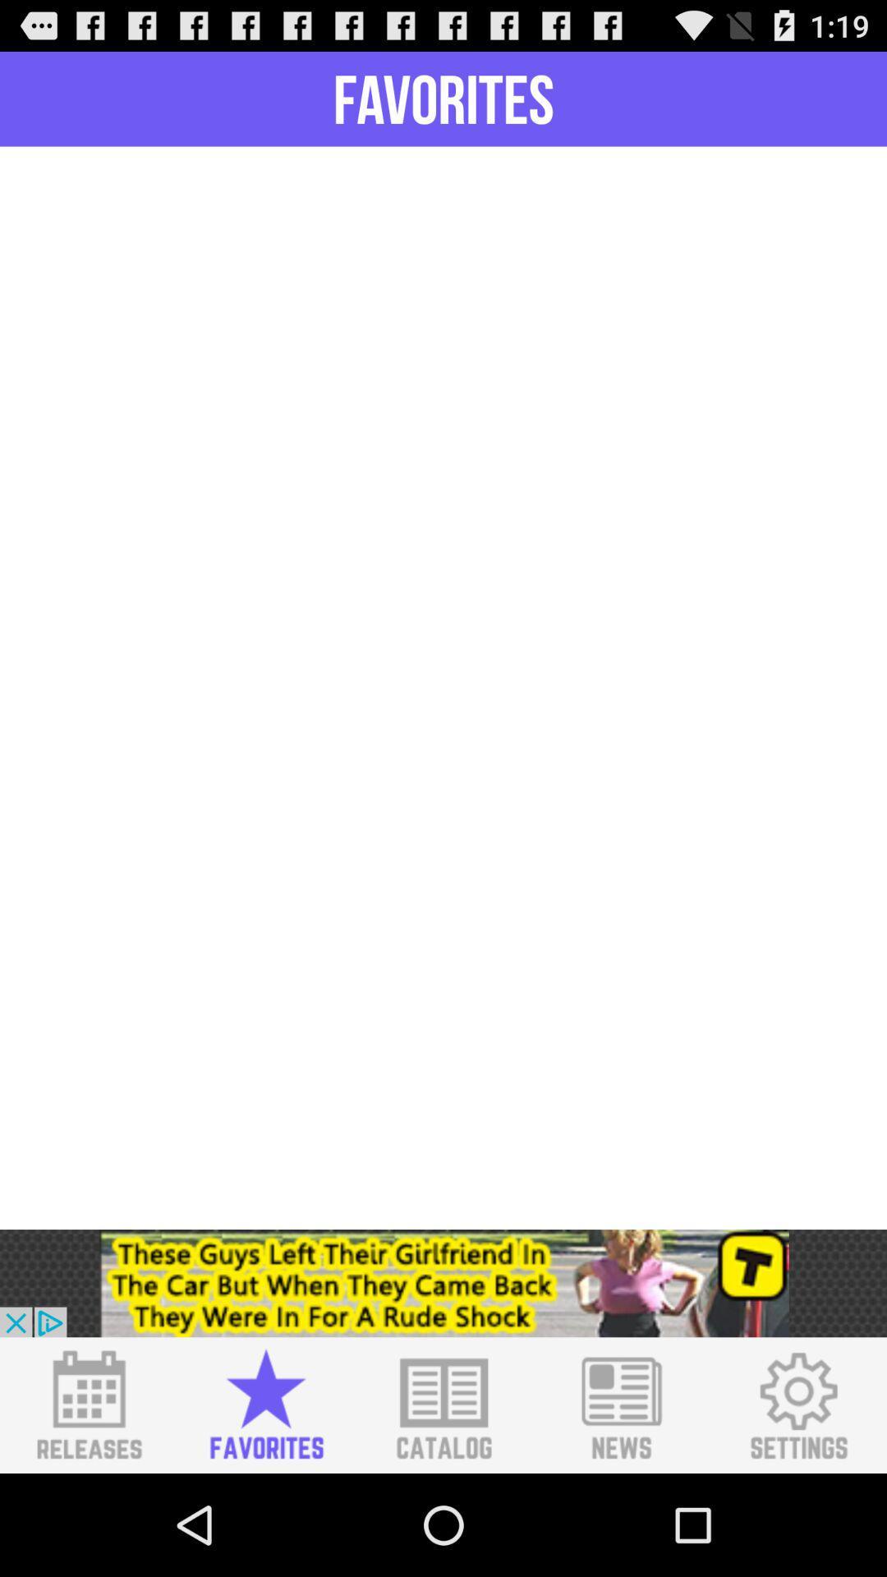 This screenshot has width=887, height=1577. I want to click on click advertisement, so click(443, 1282).